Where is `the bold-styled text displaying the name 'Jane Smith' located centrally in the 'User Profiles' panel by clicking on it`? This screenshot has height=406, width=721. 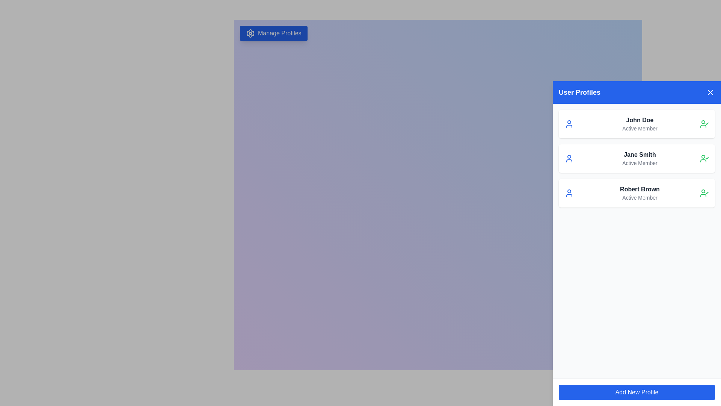 the bold-styled text displaying the name 'Jane Smith' located centrally in the 'User Profiles' panel by clicking on it is located at coordinates (640, 155).